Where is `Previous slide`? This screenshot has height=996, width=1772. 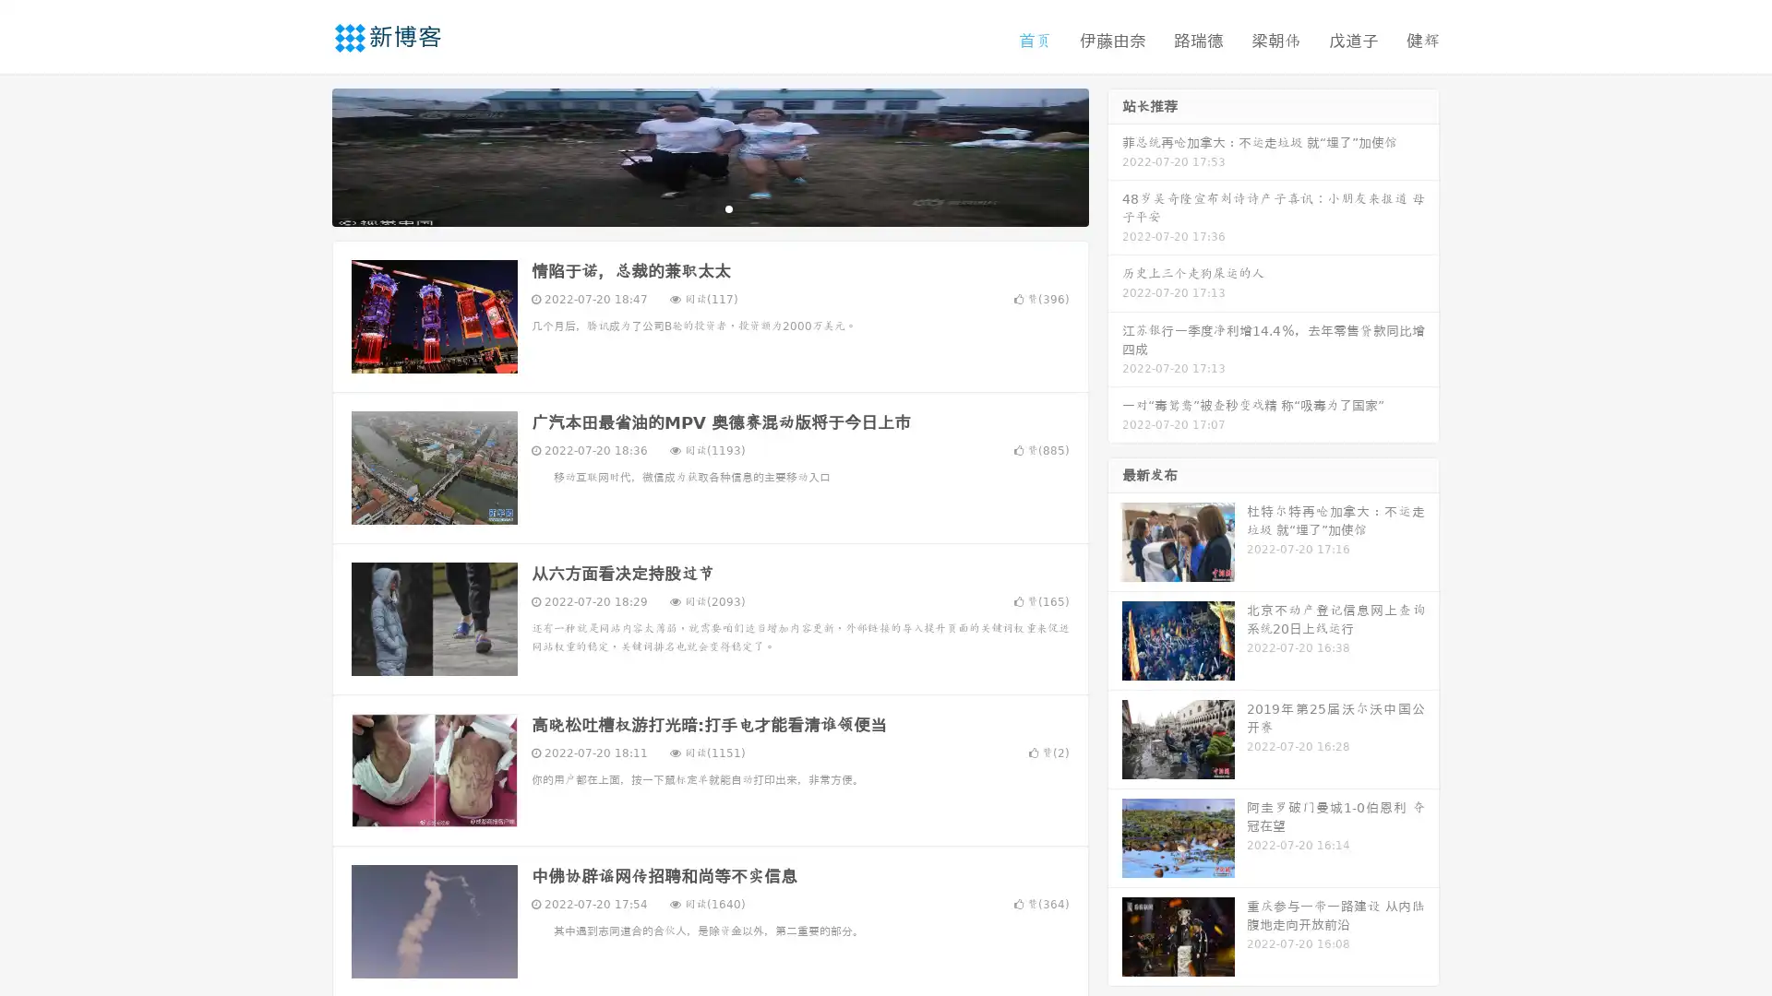
Previous slide is located at coordinates (305, 155).